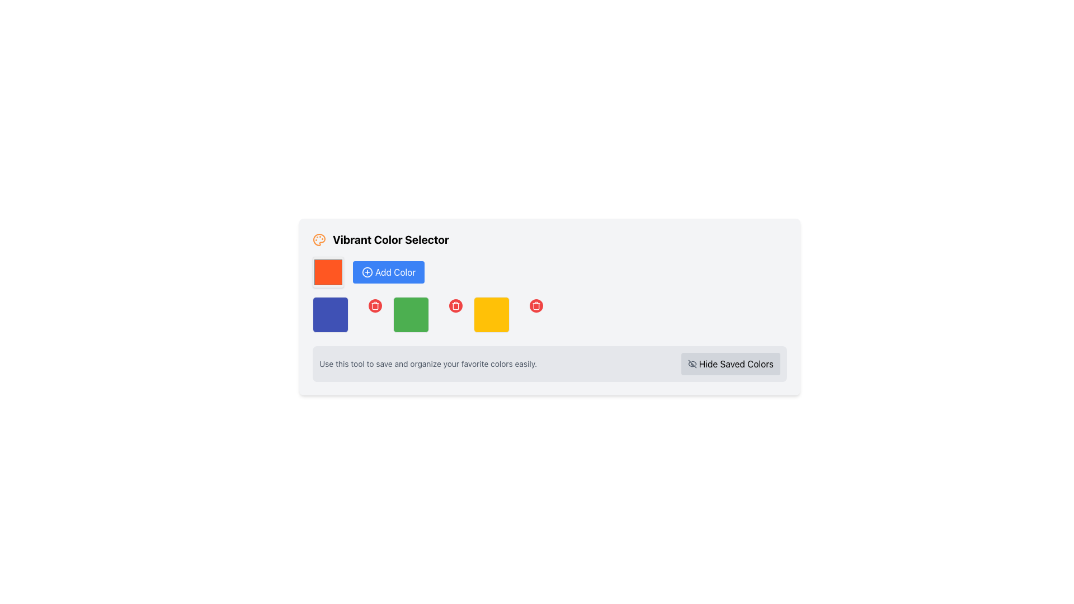 The image size is (1074, 604). What do you see at coordinates (389, 272) in the screenshot?
I see `the 'Add Color' button with a blue background and white text` at bounding box center [389, 272].